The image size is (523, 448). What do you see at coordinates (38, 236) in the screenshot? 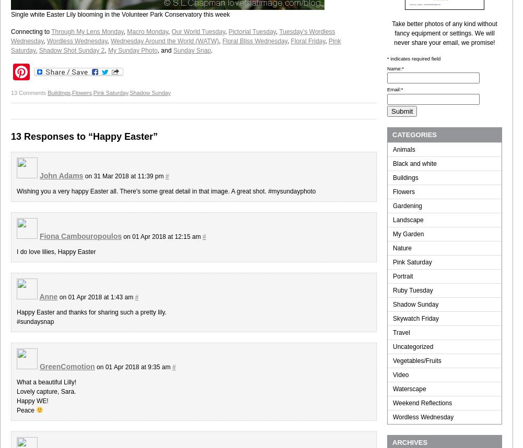
I see `'Fiona Cambouropoulos'` at bounding box center [38, 236].